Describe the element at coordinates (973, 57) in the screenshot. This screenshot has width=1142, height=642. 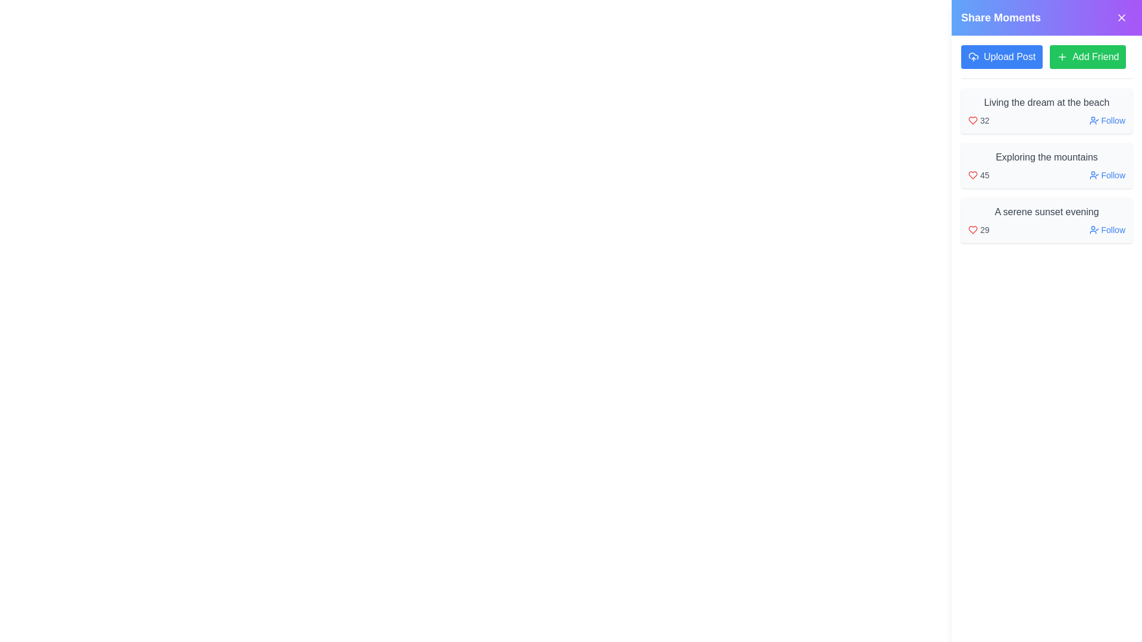
I see `the 'Upload Post' icon located on the left side of the 'Upload Post' button in the top-left section of the 'Share Moments' panel to trigger potential visual feedback` at that location.